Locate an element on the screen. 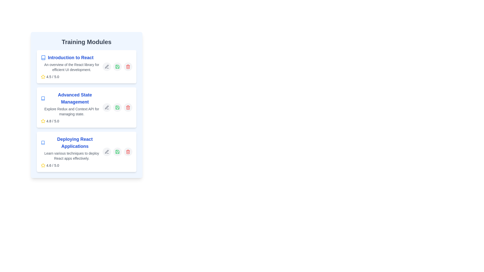 This screenshot has height=272, width=484. the text label stating 'An overview of the React library for efficient UI development.' located under the title 'Introduction to React' is located at coordinates (71, 67).